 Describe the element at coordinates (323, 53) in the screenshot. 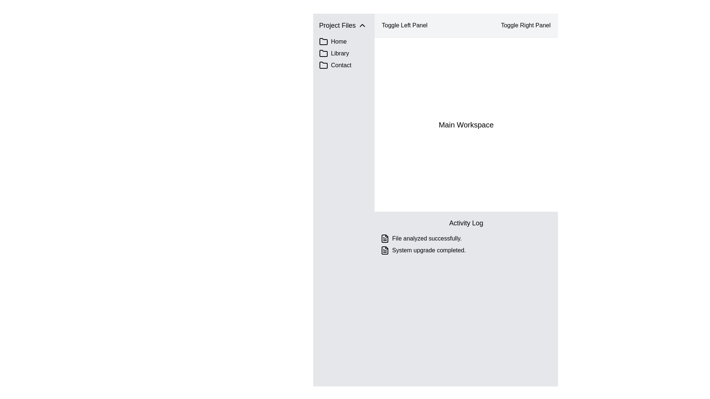

I see `the folder icon located in the left-side navigation panel next to the 'Library' text under the 'Project Files' section` at that location.